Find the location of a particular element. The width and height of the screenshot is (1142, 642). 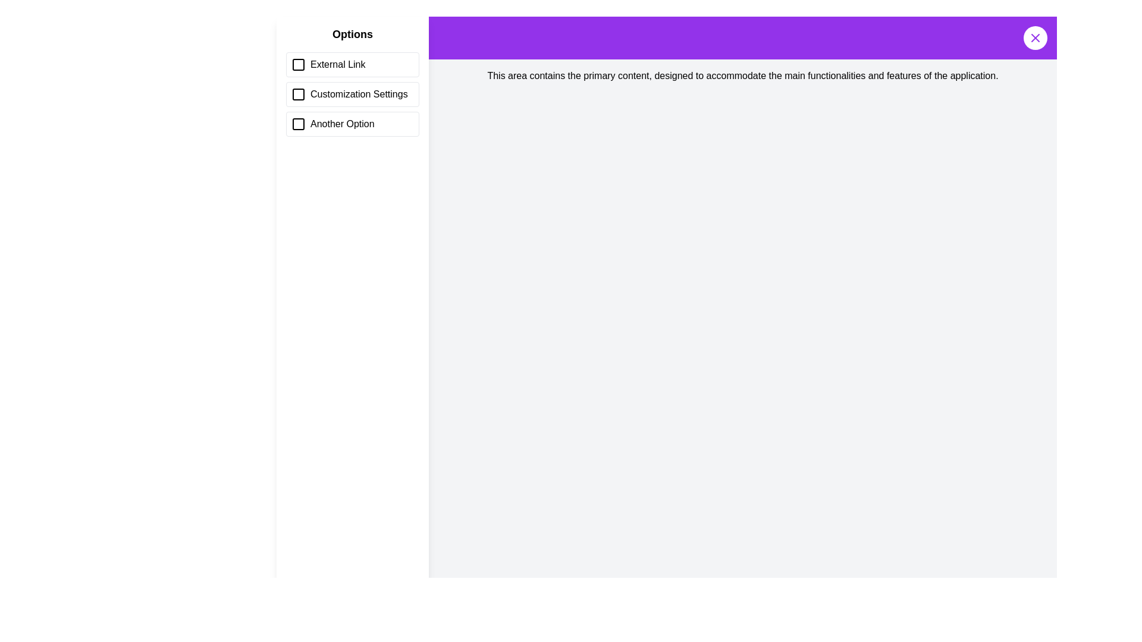

the checkbox visual component part located to the left of the 'Customization Settings' option text is located at coordinates (299, 93).